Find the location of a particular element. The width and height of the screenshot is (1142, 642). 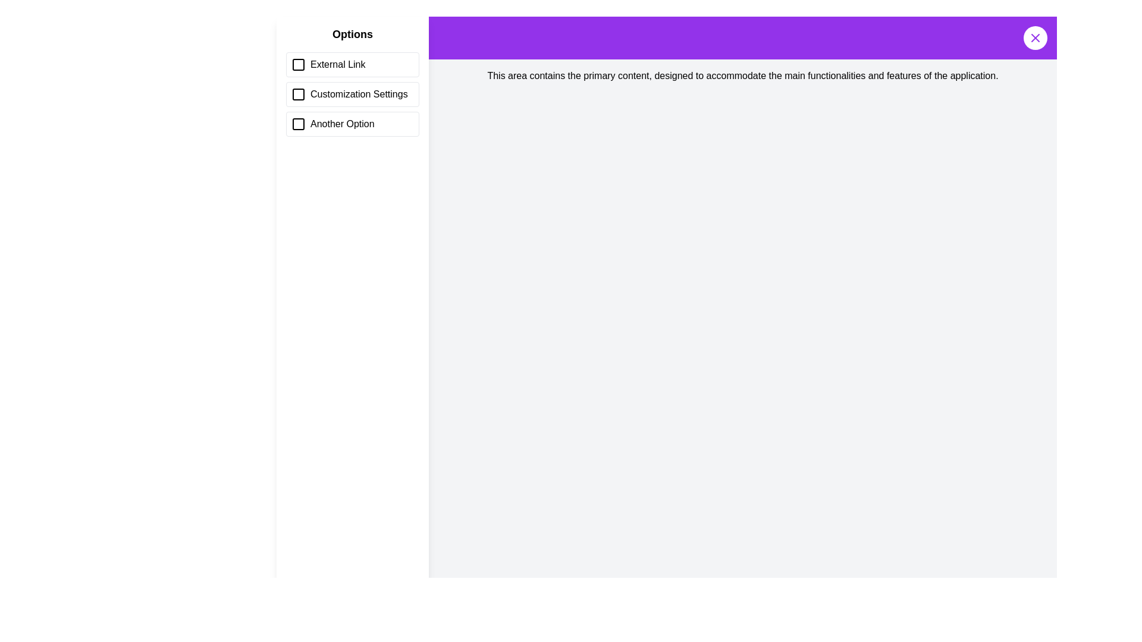

the checkbox visual component part located to the left of the 'Customization Settings' option text is located at coordinates (299, 93).